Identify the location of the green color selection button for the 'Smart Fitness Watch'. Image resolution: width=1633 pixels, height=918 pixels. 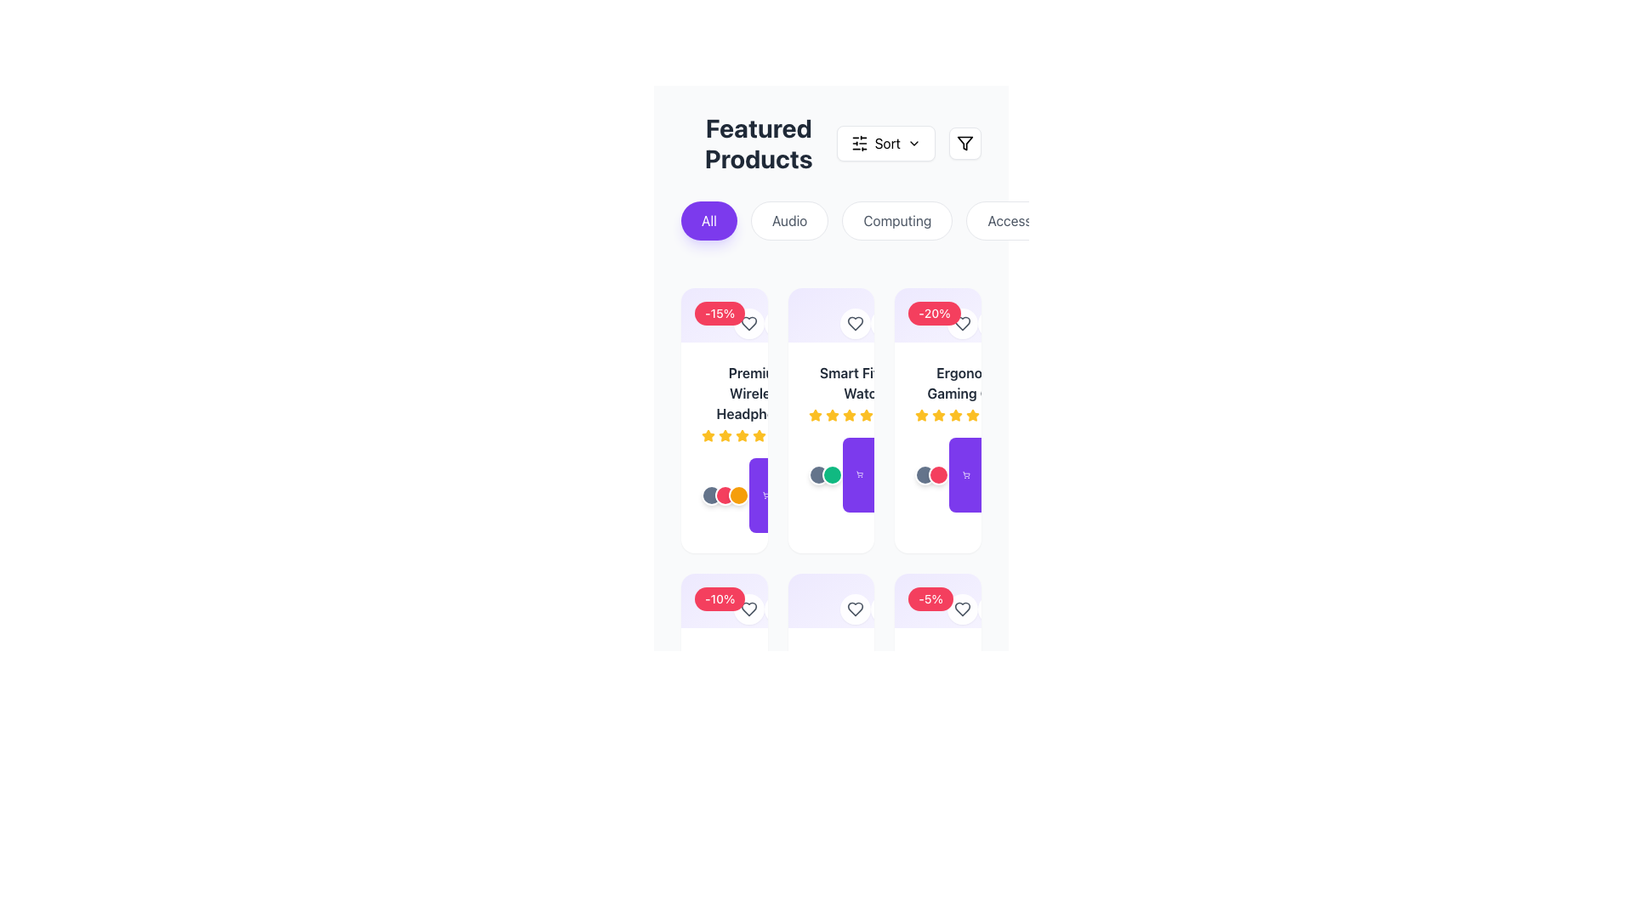
(831, 475).